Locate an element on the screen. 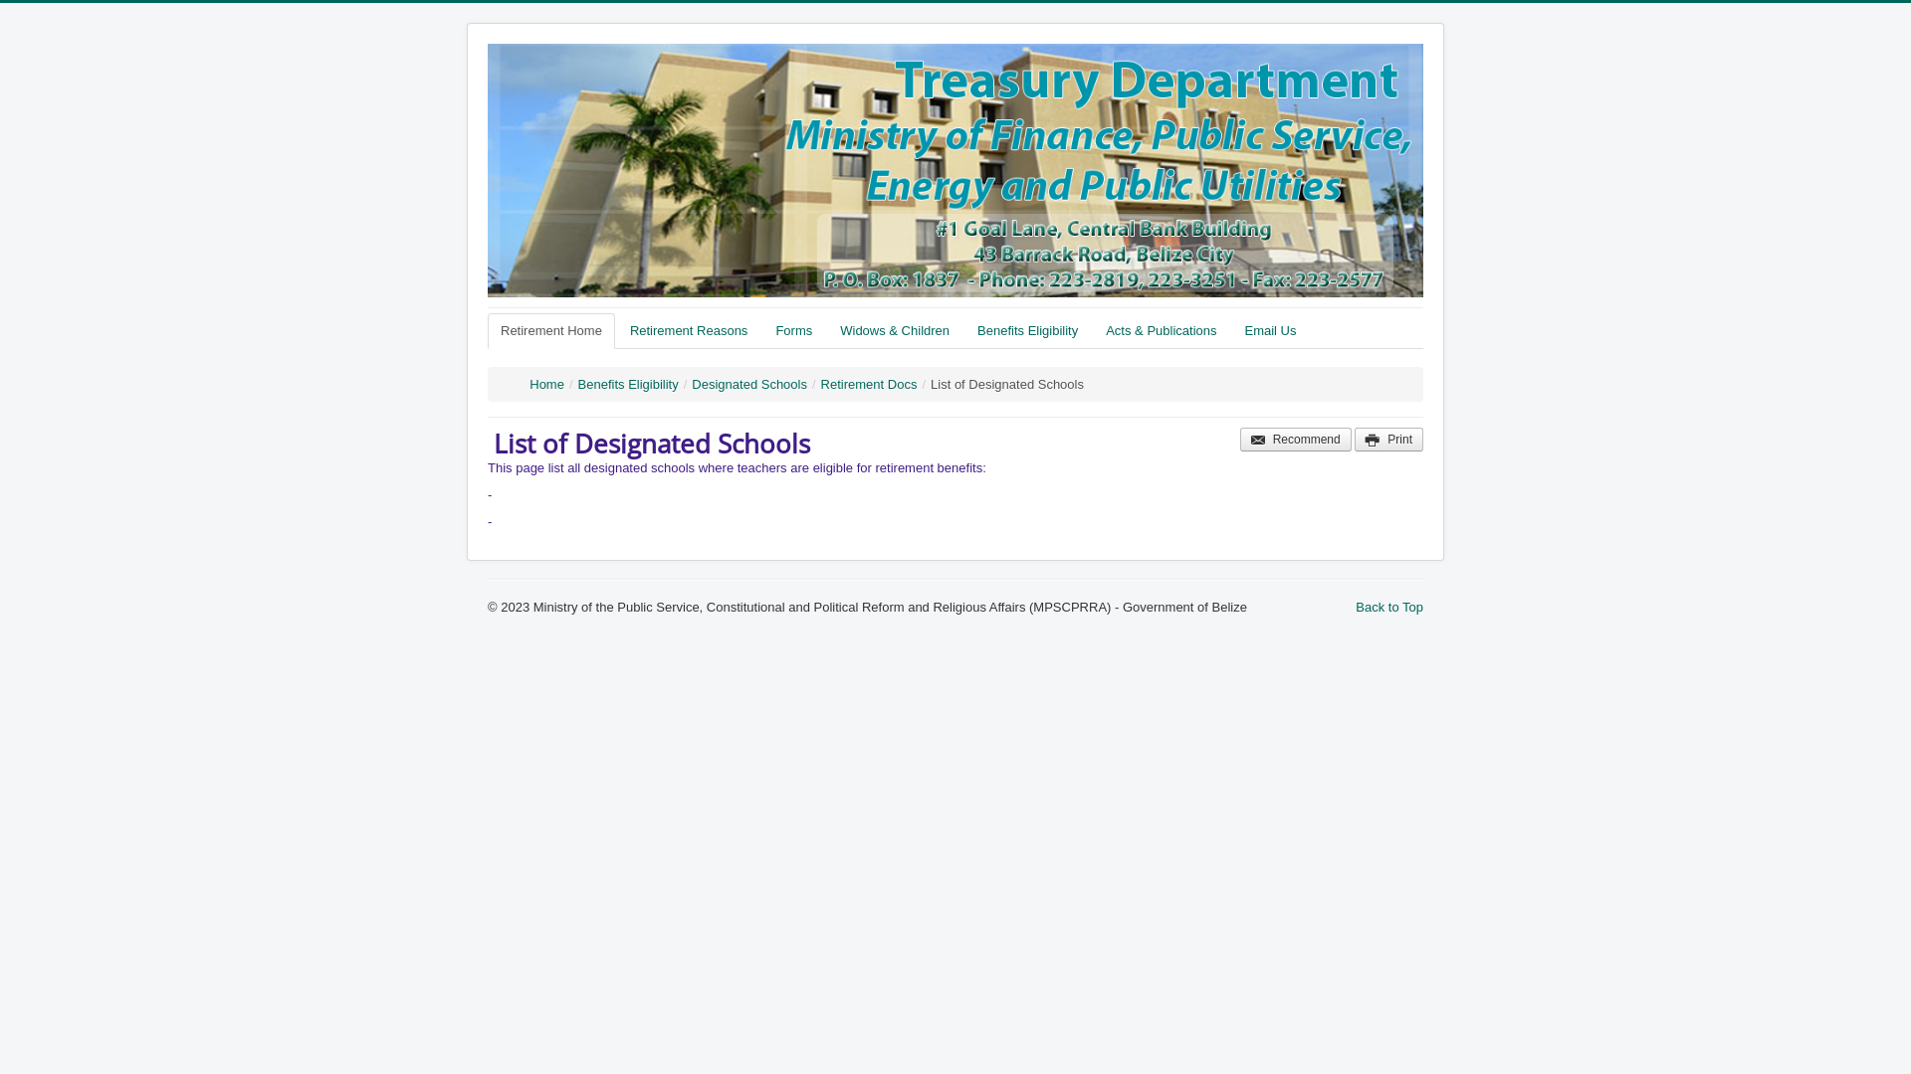  'Retirement Home' is located at coordinates (550, 329).